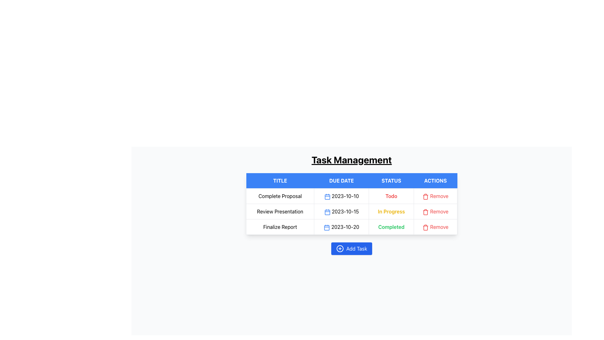 Image resolution: width=604 pixels, height=340 pixels. I want to click on the small light blue calendar icon located in the 'Due Date' column of the table, corresponding to the 'Finalize Report' row, to potentially open a calendar or provide date details, so click(327, 227).